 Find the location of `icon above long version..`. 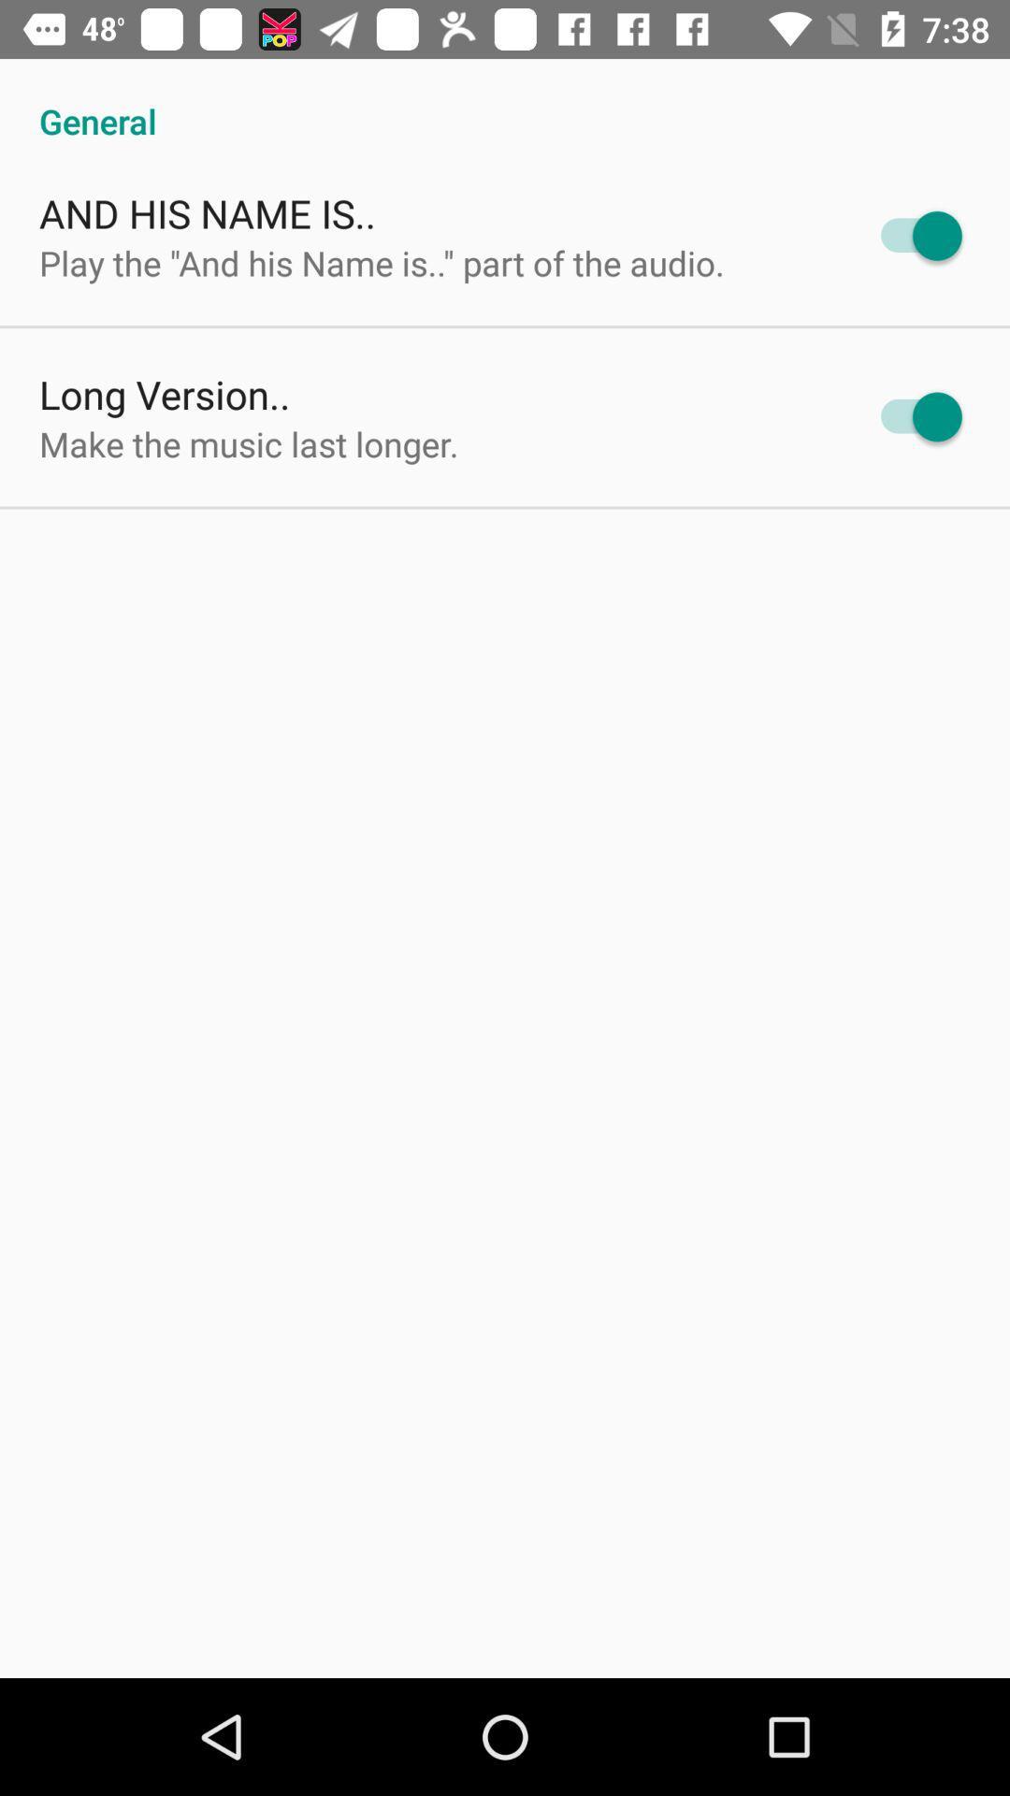

icon above long version.. is located at coordinates (381, 262).